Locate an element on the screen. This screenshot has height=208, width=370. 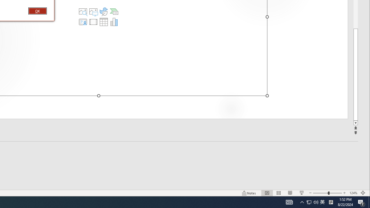
'Show desktop' is located at coordinates (369, 202).